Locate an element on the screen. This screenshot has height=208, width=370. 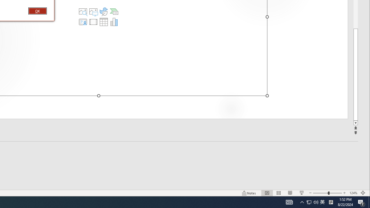
'Show desktop' is located at coordinates (369, 202).